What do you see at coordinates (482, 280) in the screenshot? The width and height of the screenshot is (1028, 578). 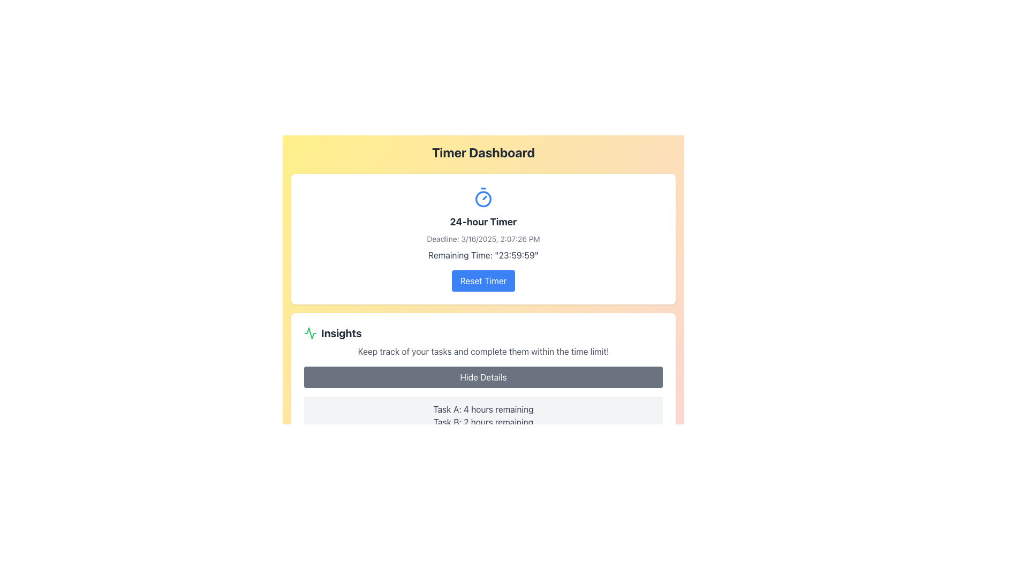 I see `the reset button located below the 'Remaining Time: "23:59:59"' text in the '24-hour Timer' section to reset the timer` at bounding box center [482, 280].